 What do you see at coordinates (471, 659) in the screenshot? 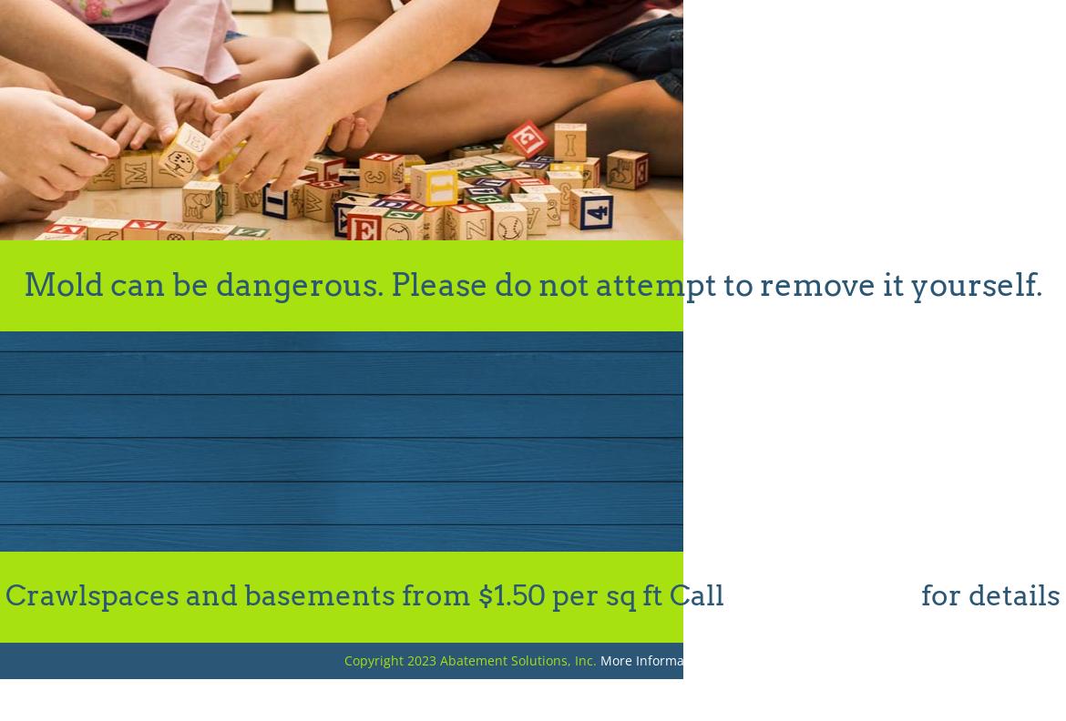
I see `'Copyright 2023 Abatement Solutions, Inc.'` at bounding box center [471, 659].